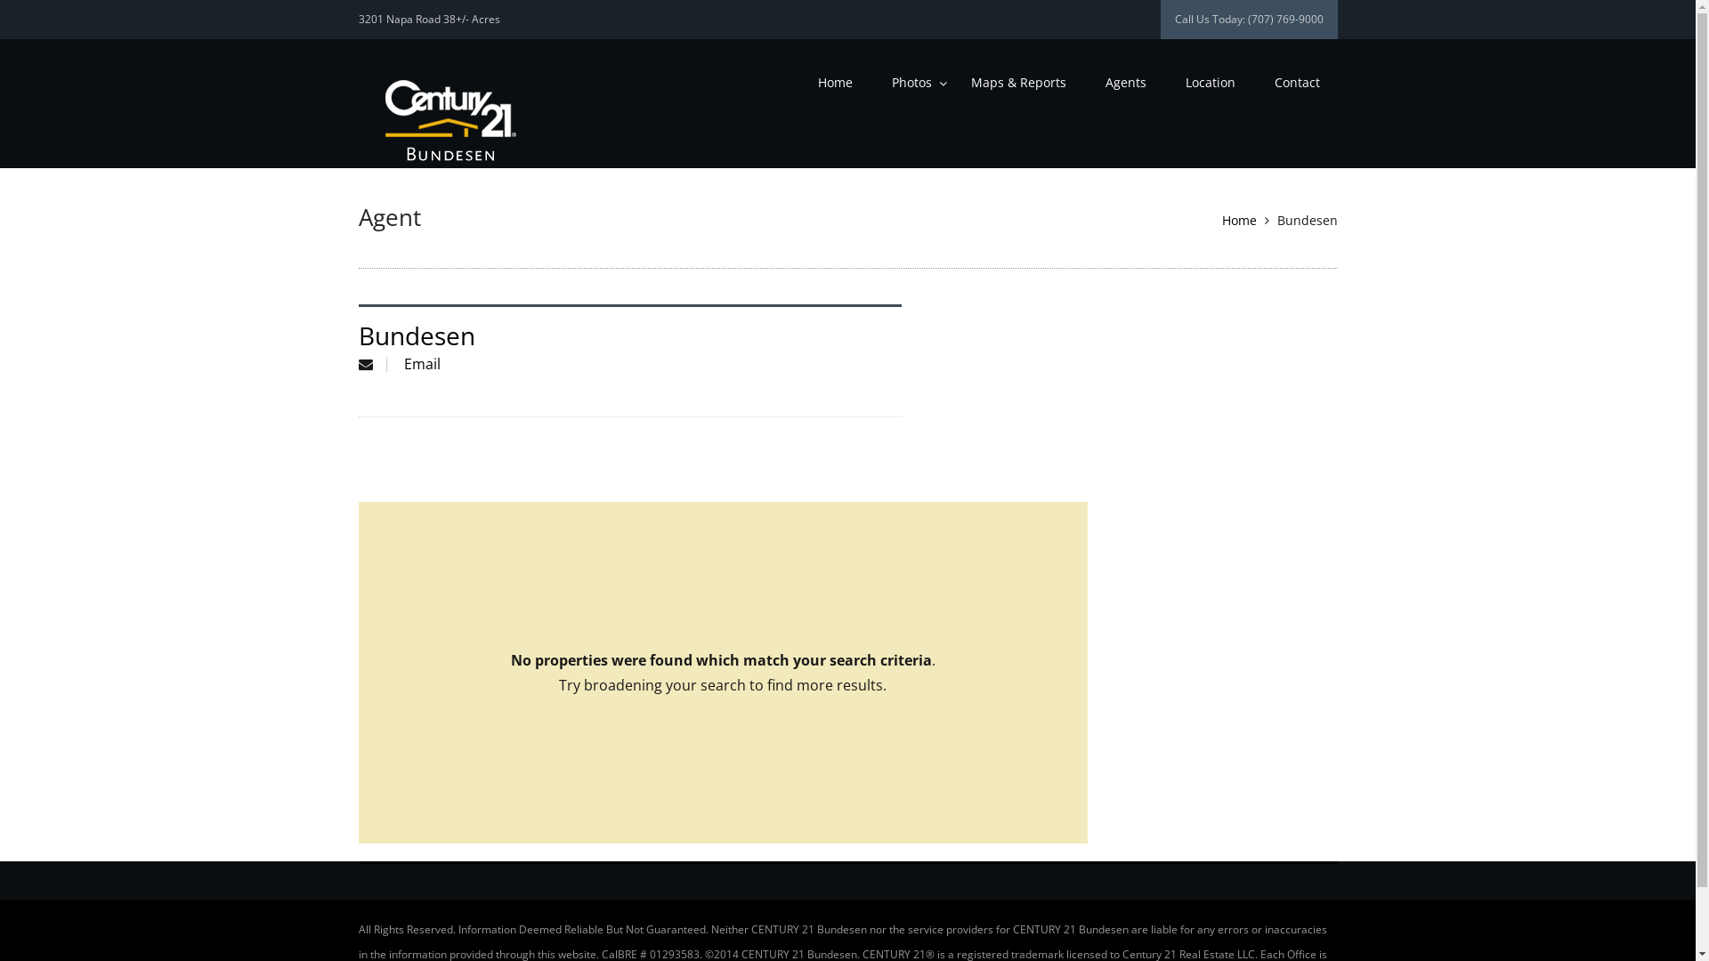 The width and height of the screenshot is (1709, 961). I want to click on 'Location', so click(1210, 82).